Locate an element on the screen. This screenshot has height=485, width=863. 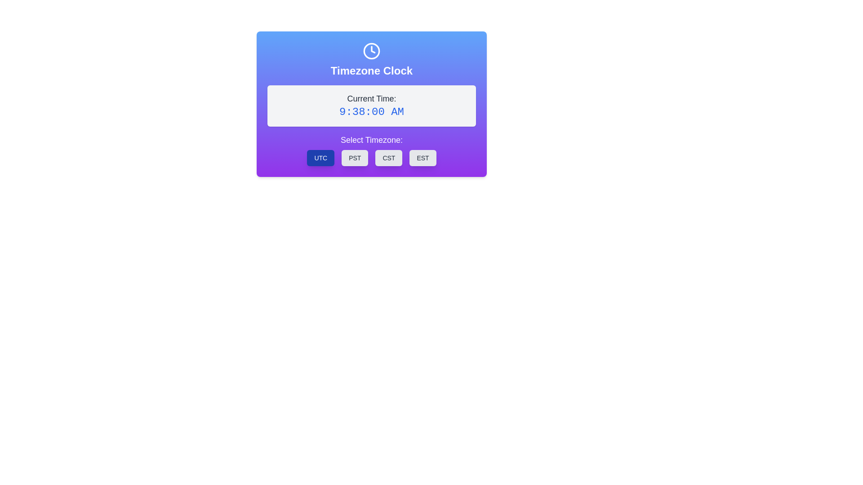
the text display that shows the current time, located to the right of the label 'Current Time:' within the timezone clock section is located at coordinates (371, 111).